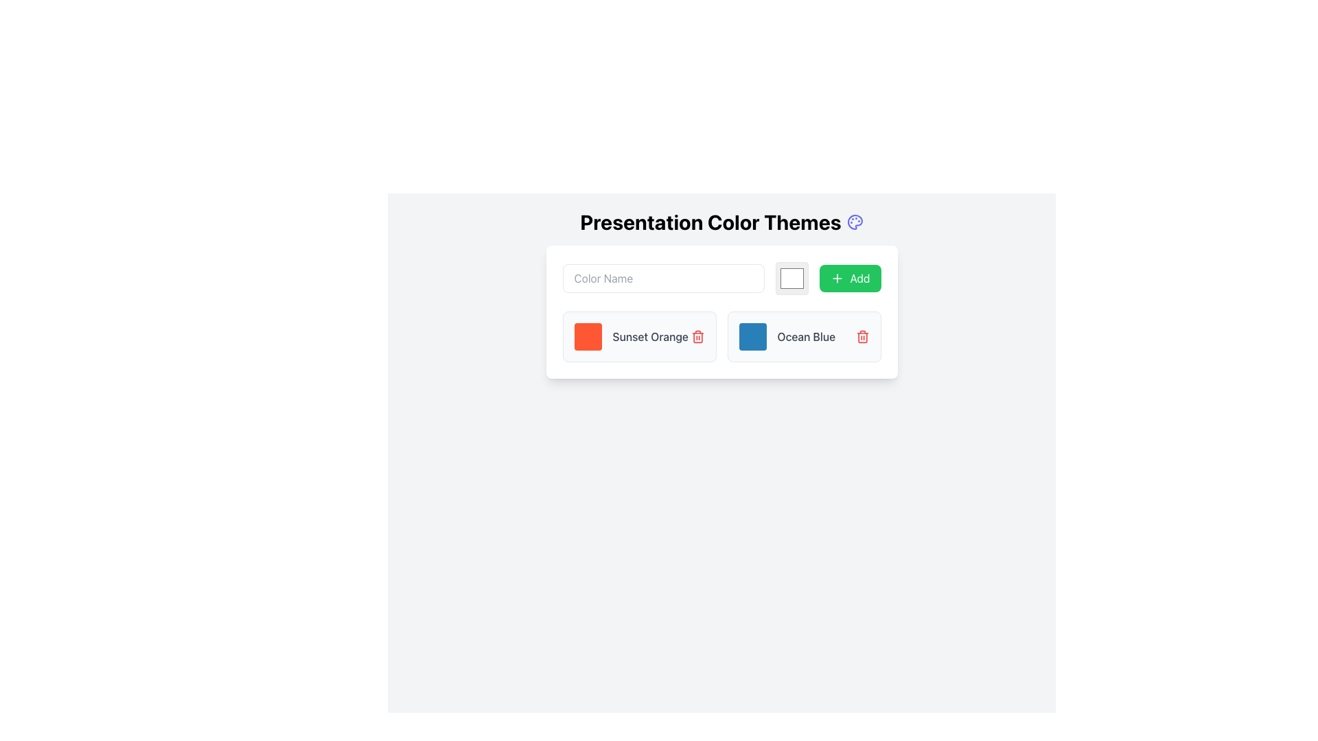  I want to click on the 'Sunset Orange' color selection option, so click(629, 336).